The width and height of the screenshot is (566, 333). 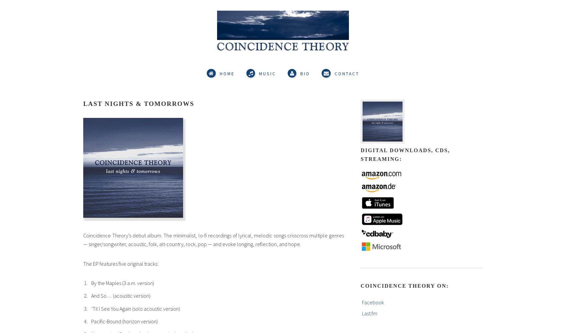 What do you see at coordinates (122, 283) in the screenshot?
I see `'By the Maples (3 a.m. version)'` at bounding box center [122, 283].